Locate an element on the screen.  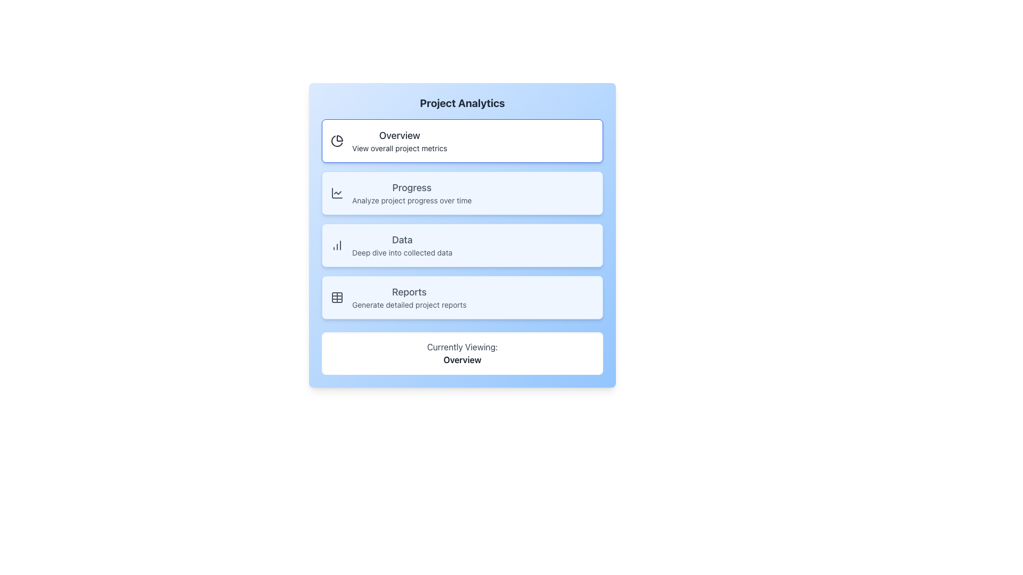
the 'Reports' menu item in the Project Analytics navigation menu is located at coordinates (409, 298).